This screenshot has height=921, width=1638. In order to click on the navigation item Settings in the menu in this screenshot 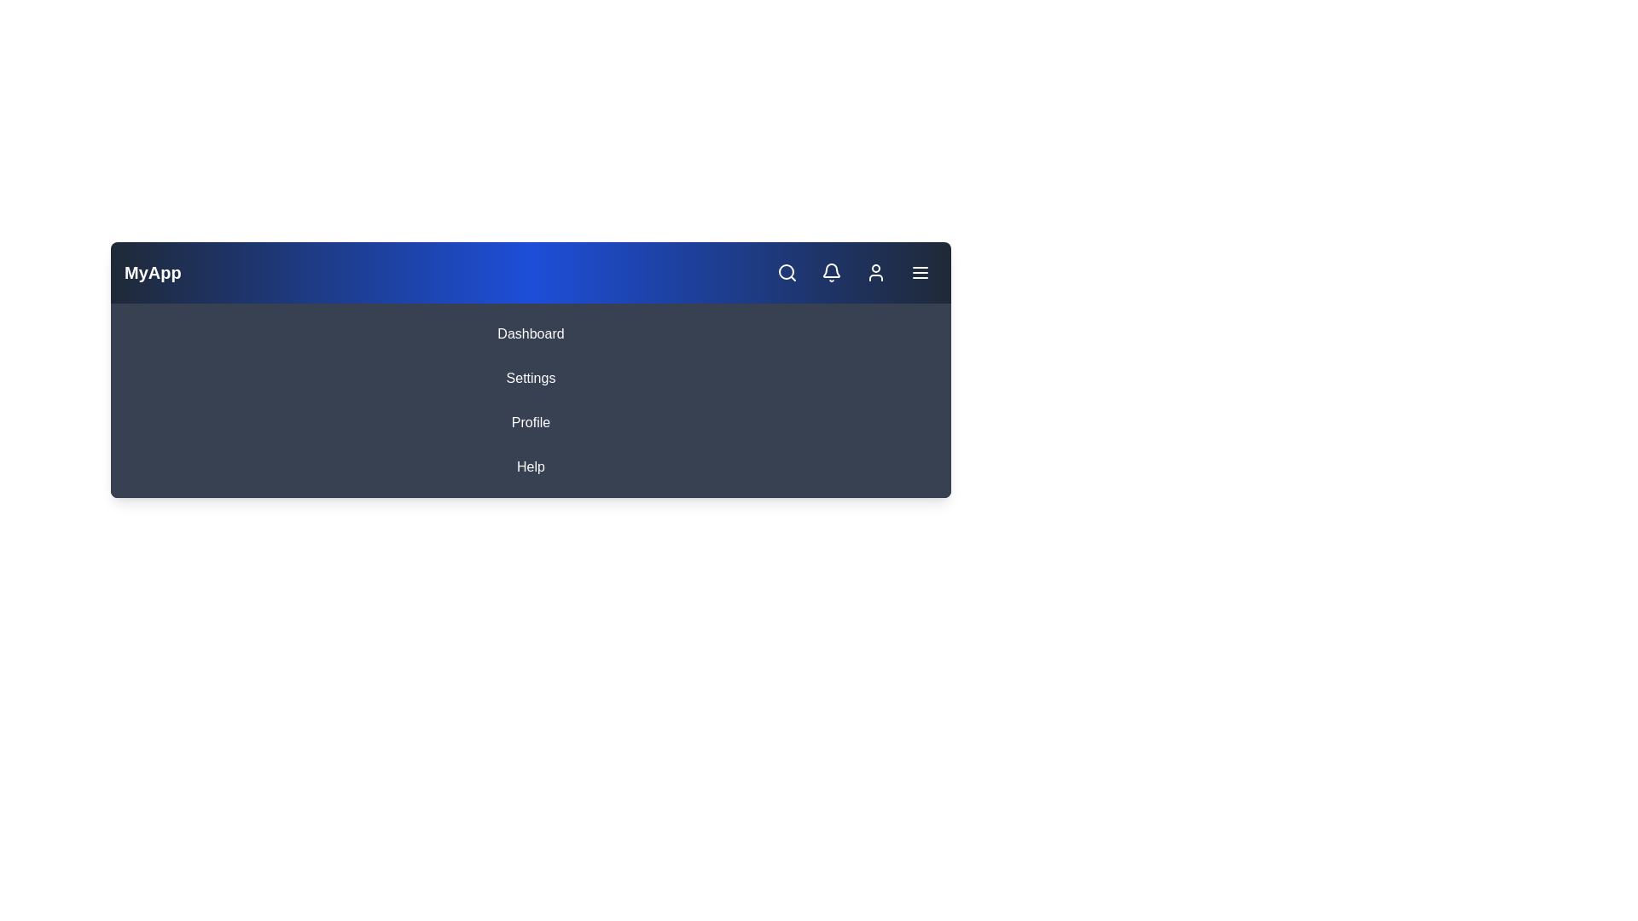, I will do `click(530, 377)`.